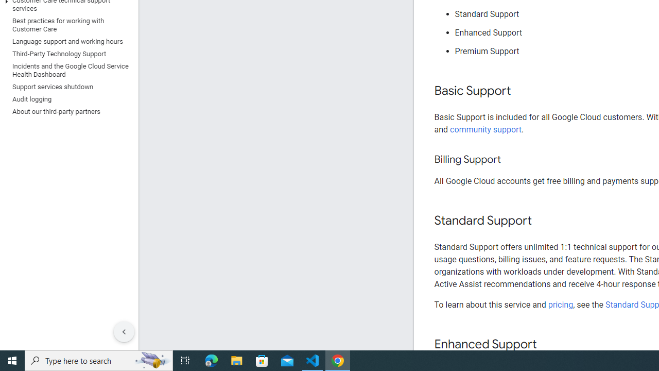 The height and width of the screenshot is (371, 659). What do you see at coordinates (66, 54) in the screenshot?
I see `'Third-Party Technology Support'` at bounding box center [66, 54].